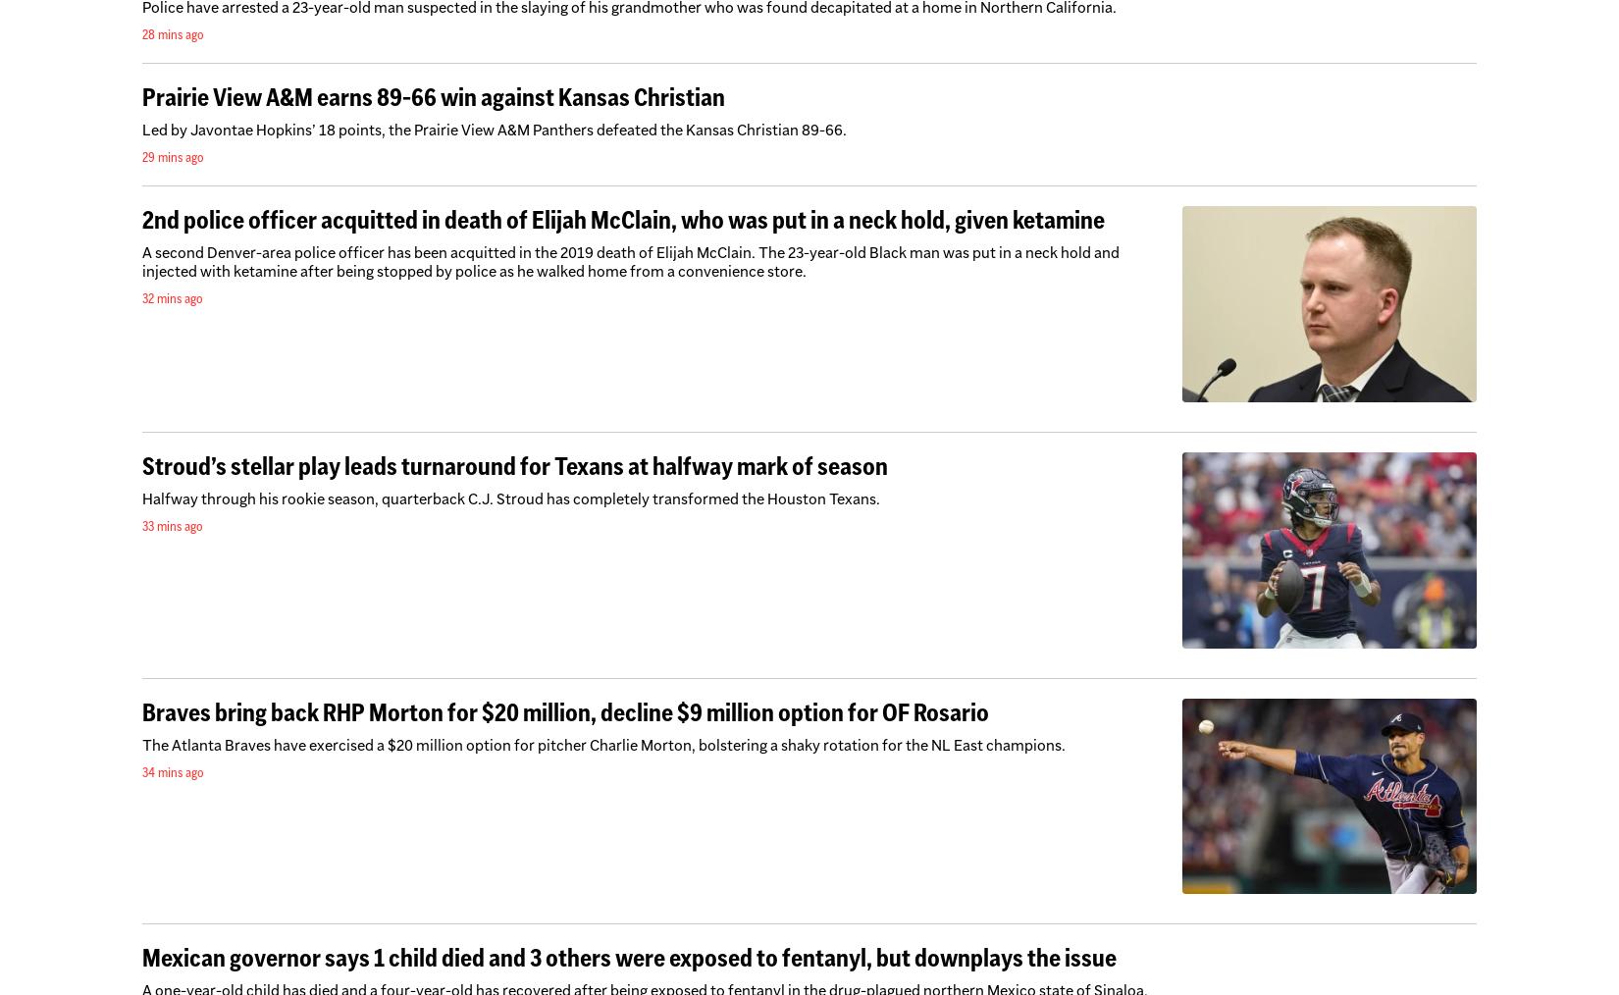 The image size is (1619, 995). Describe the element at coordinates (433, 96) in the screenshot. I see `'Prairie View A&M earns 89-66 win against Kansas Christian'` at that location.